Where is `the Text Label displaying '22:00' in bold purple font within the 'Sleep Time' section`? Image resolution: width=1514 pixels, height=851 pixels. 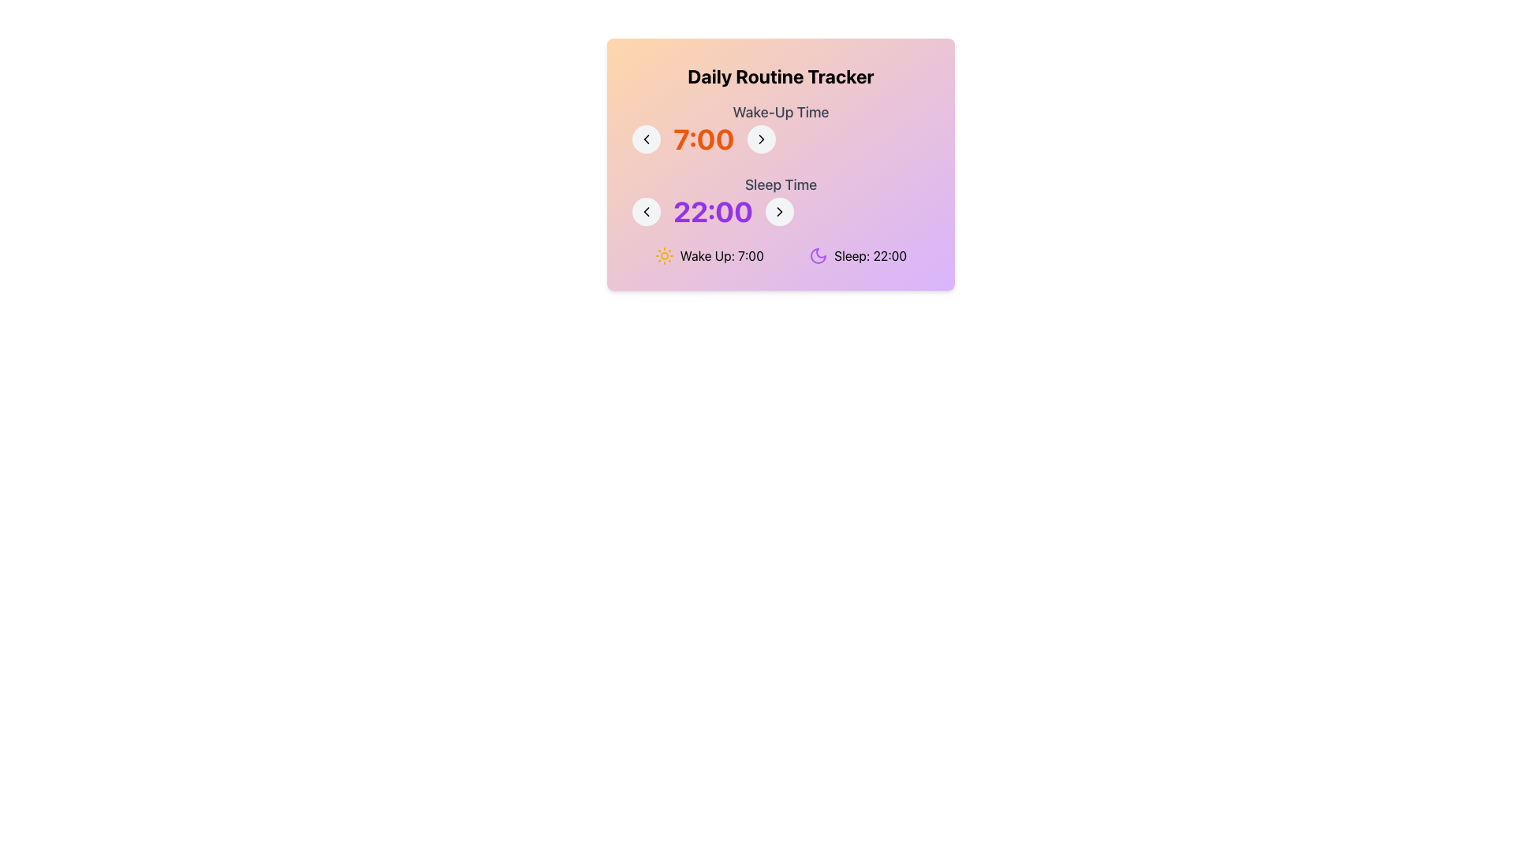
the Text Label displaying '22:00' in bold purple font within the 'Sleep Time' section is located at coordinates (712, 211).